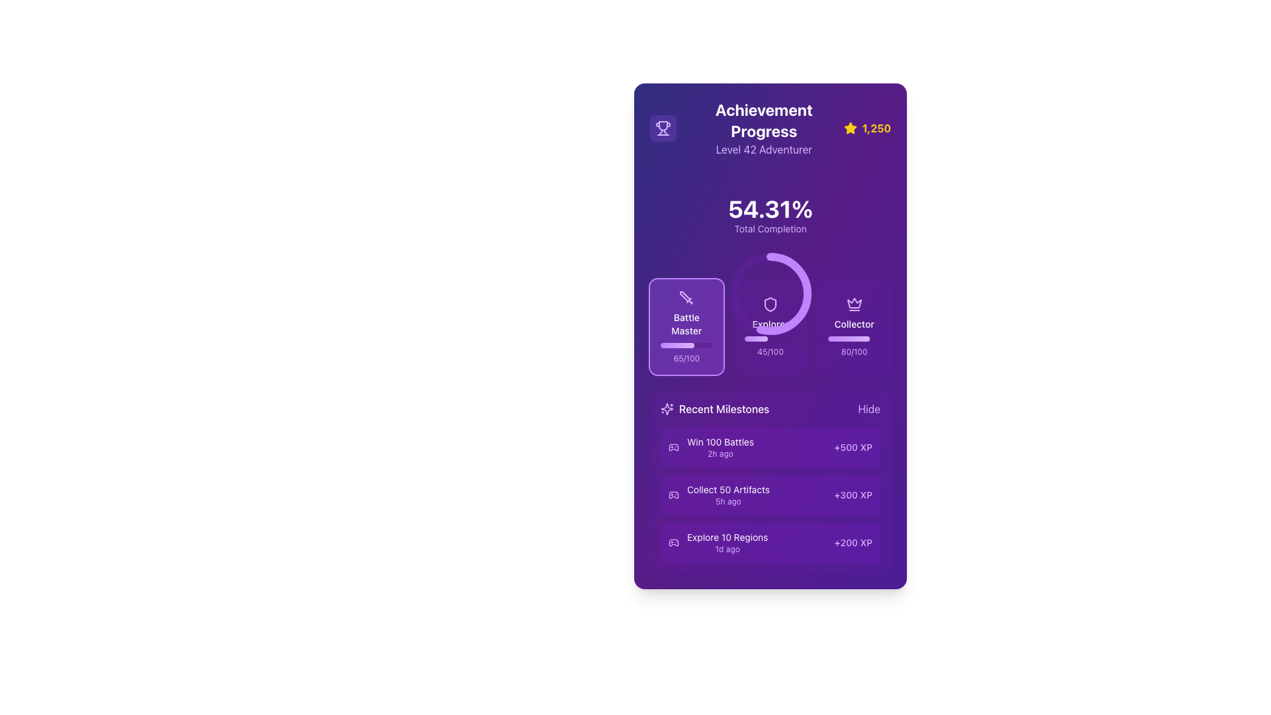  I want to click on the 'Explorer' SVG Icon located in the 'Achievement Progress' UI card, positioned above the text 'Explorer' and a progress bar, so click(770, 304).